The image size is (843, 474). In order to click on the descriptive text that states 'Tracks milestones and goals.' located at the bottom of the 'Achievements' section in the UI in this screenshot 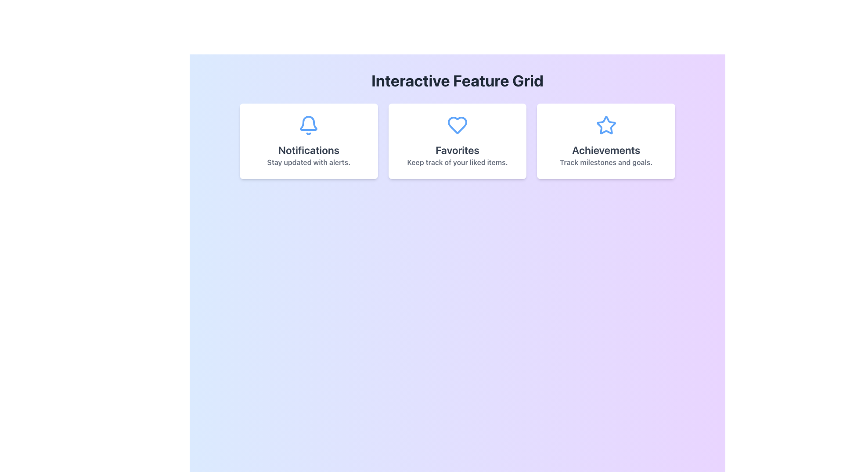, I will do `click(605, 162)`.